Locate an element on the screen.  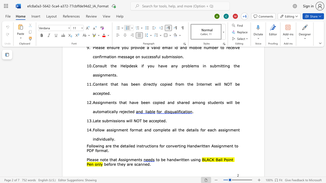
the space between the continuous character "o" and "w" in the text is located at coordinates (96, 146).